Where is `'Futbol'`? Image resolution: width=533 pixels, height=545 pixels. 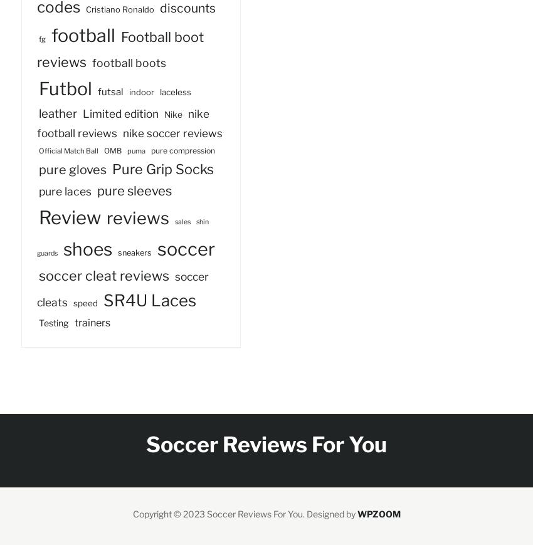
'Futbol' is located at coordinates (65, 87).